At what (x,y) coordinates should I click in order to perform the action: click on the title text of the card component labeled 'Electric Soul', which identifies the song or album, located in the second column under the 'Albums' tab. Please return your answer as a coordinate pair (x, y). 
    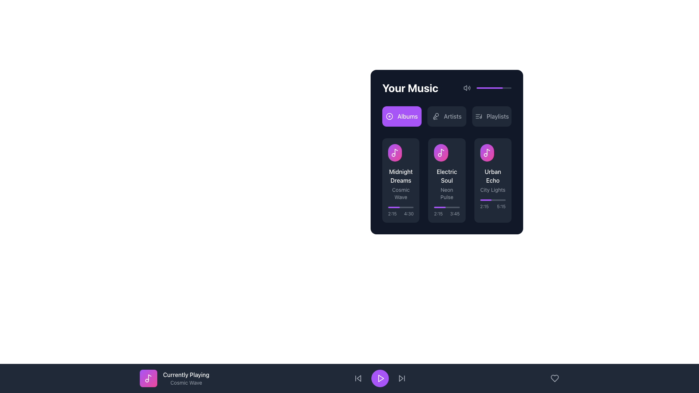
    Looking at the image, I should click on (446, 176).